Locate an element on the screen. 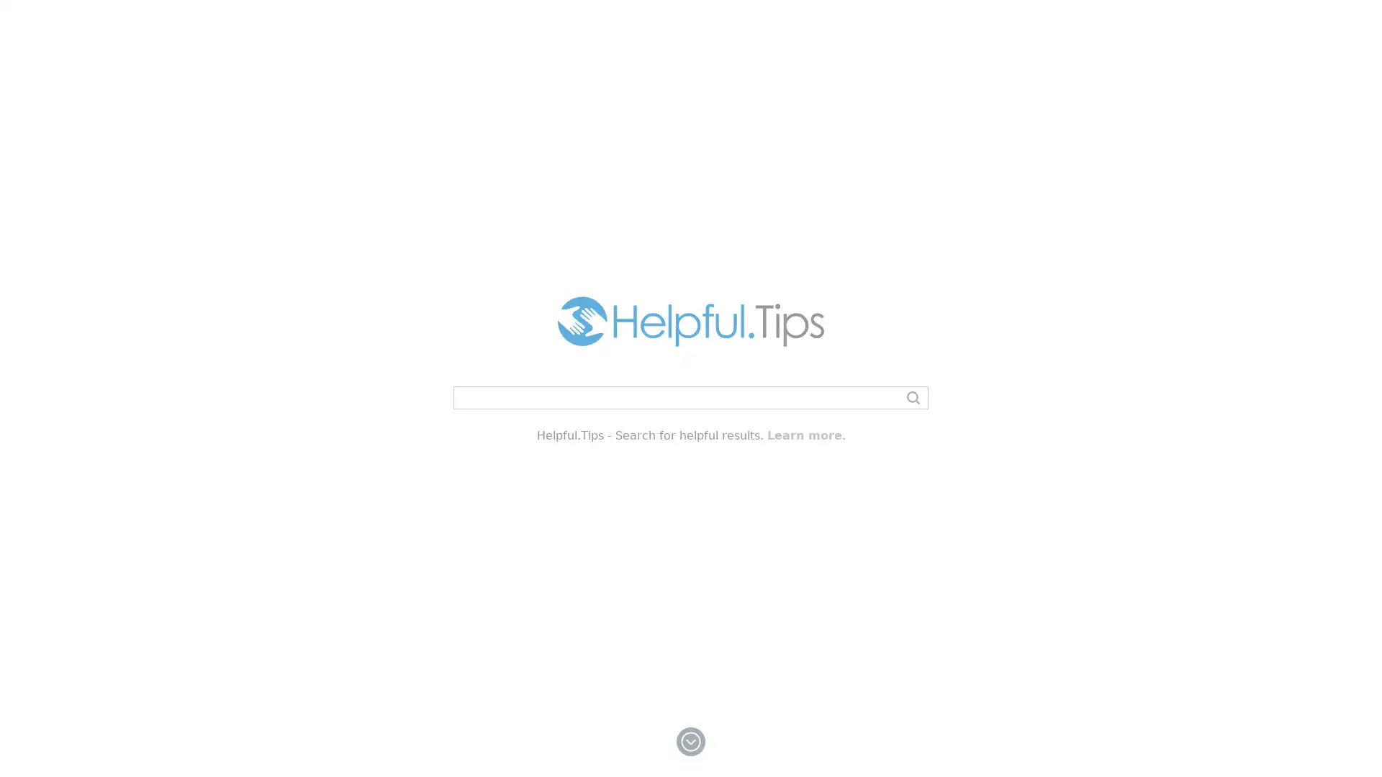  Search is located at coordinates (912, 397).